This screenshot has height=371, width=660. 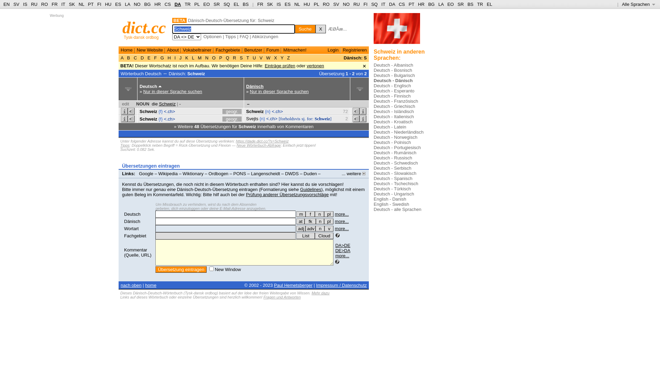 I want to click on 'https://dade.dict.cc/?s=Schweiz', so click(x=236, y=141).